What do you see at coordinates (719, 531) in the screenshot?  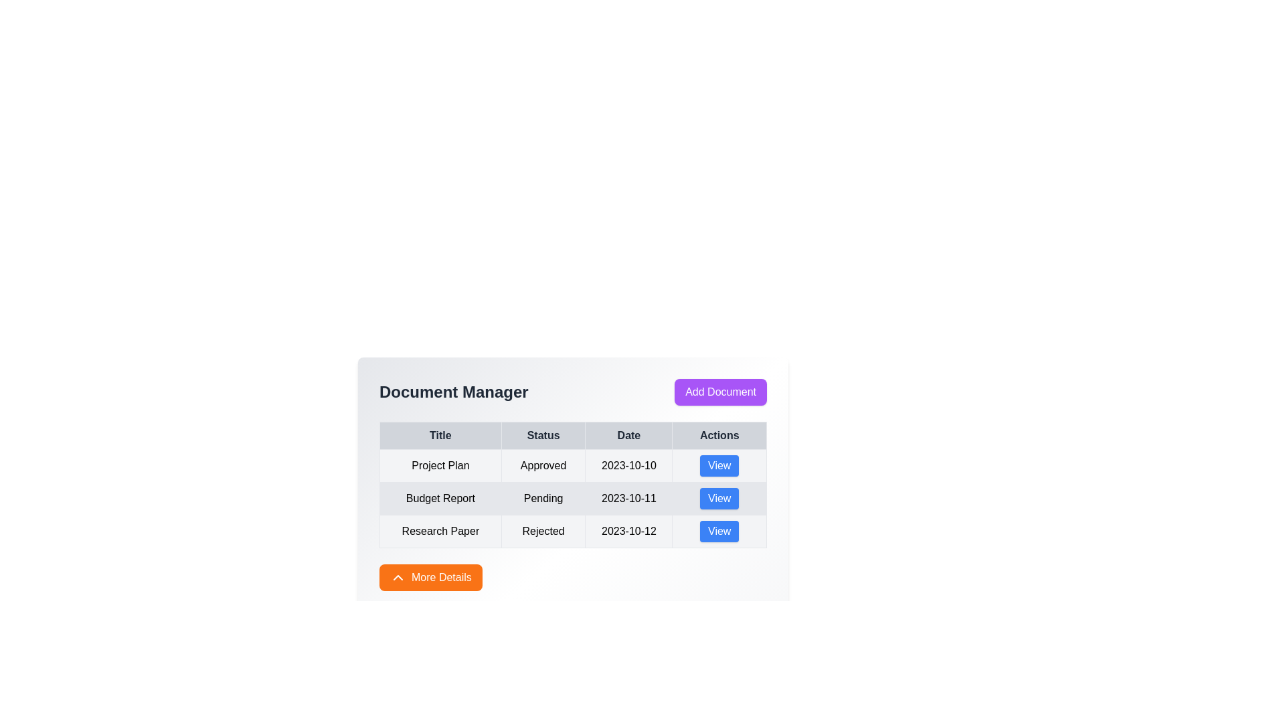 I see `the 'View' button located in the 'Actions' column under the 'Research Paper' row` at bounding box center [719, 531].